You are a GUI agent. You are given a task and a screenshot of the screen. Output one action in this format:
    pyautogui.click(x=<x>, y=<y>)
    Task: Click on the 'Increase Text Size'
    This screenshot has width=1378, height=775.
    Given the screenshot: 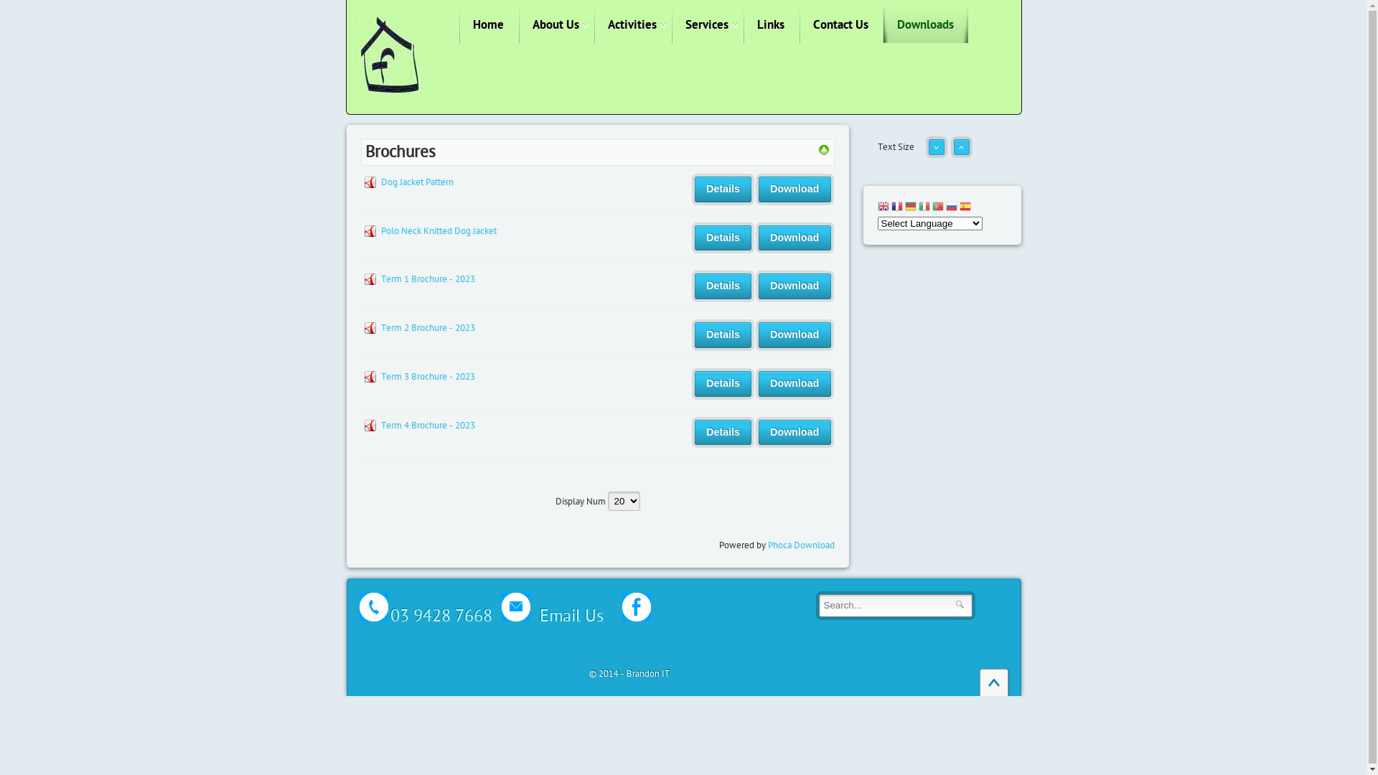 What is the action you would take?
    pyautogui.click(x=961, y=152)
    